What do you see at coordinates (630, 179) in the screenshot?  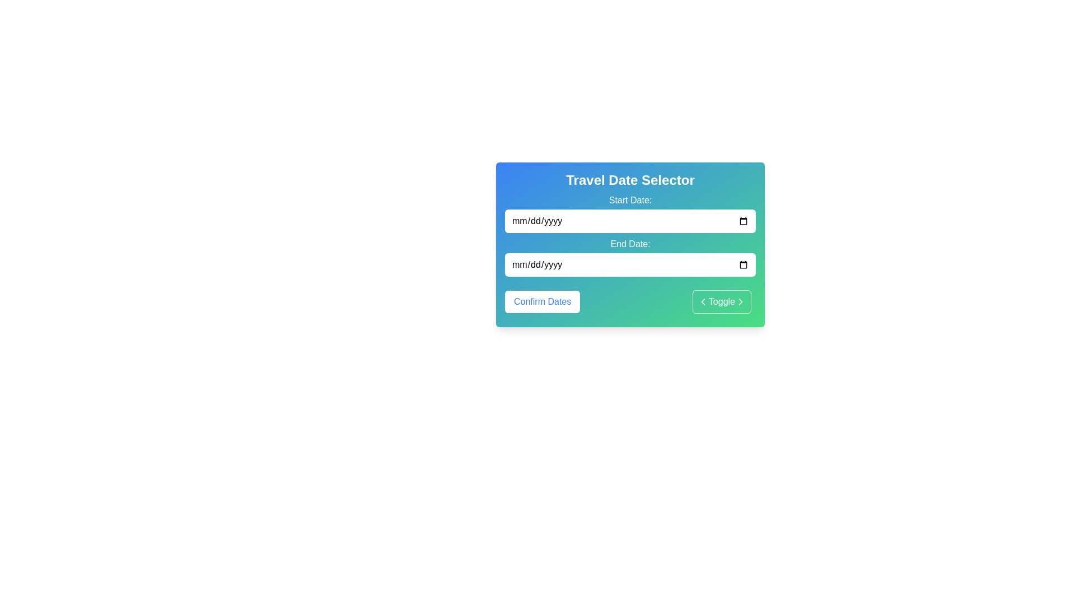 I see `the title text label 'Travel Date Selector', which is styled in bold and large font and located at the top of the panel` at bounding box center [630, 179].